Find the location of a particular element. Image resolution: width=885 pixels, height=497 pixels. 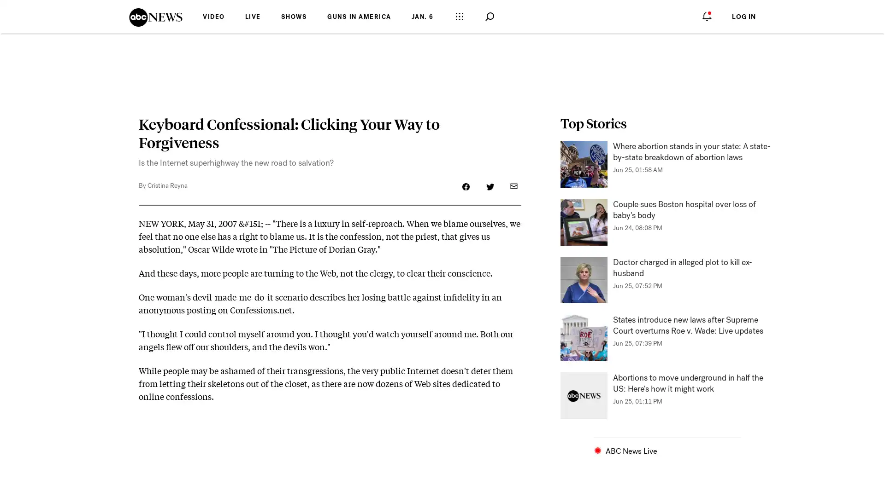

Share Story on Twitter is located at coordinates (489, 186).